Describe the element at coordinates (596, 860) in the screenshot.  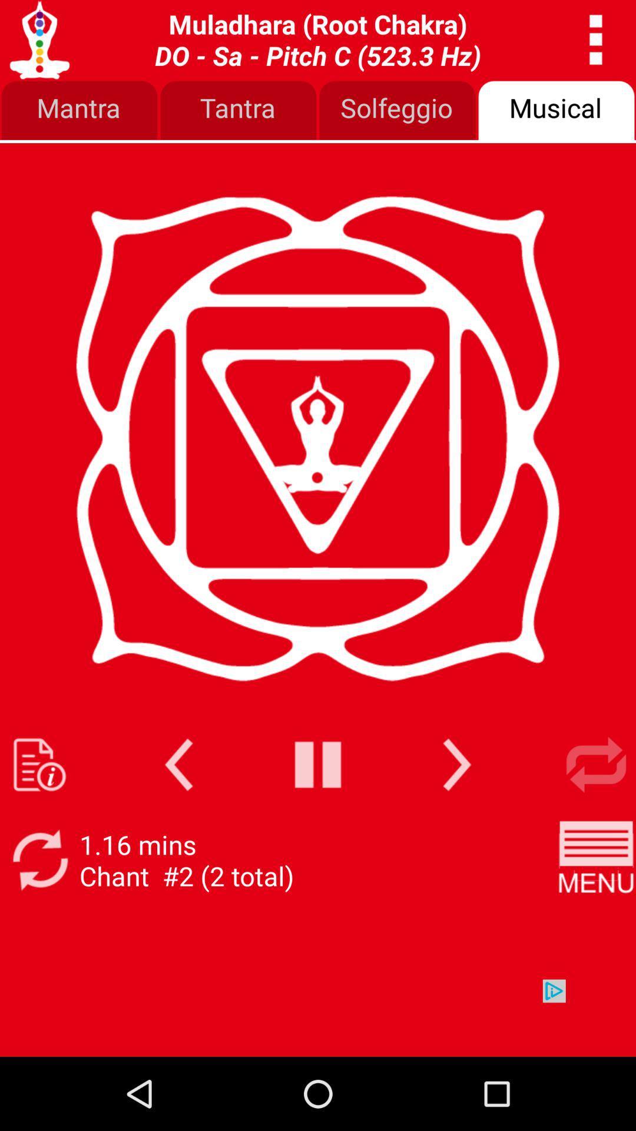
I see `menu` at that location.